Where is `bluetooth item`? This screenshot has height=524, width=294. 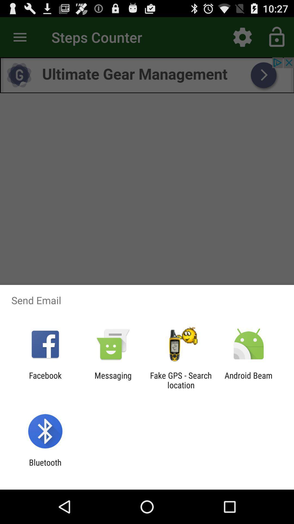
bluetooth item is located at coordinates (45, 467).